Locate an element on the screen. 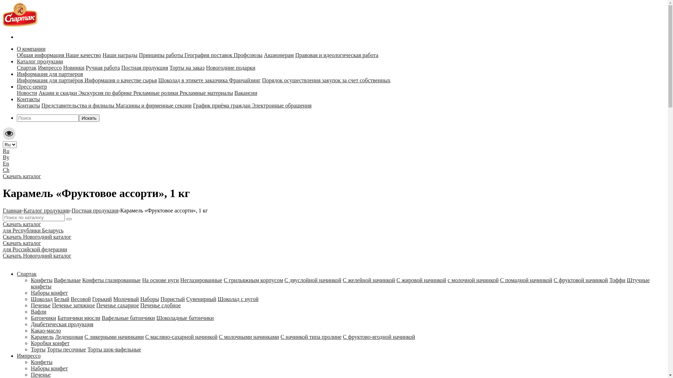 This screenshot has height=378, width=673. 'Ru' is located at coordinates (6, 150).